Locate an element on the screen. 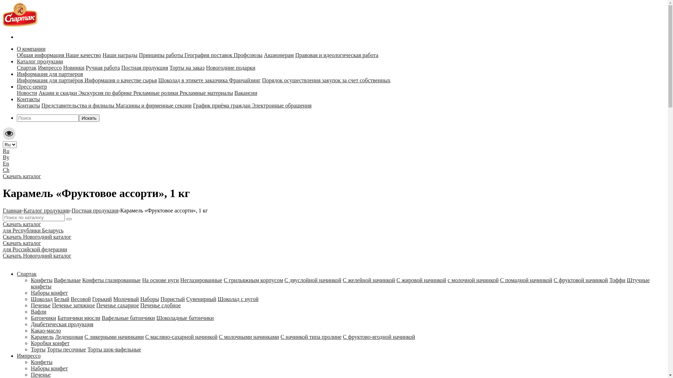 This screenshot has height=378, width=673. 'Ru' is located at coordinates (6, 150).